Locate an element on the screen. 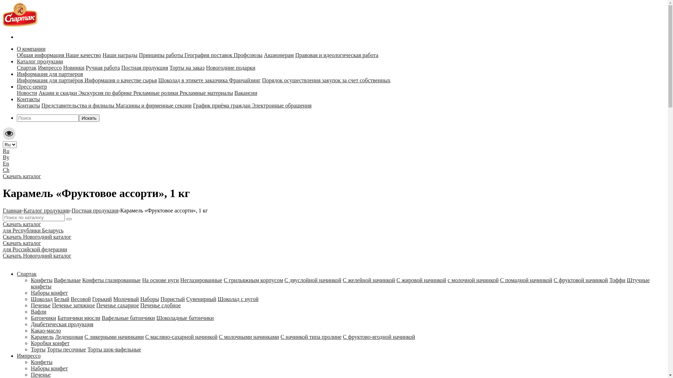 This screenshot has height=378, width=673. 'Ru' is located at coordinates (6, 150).